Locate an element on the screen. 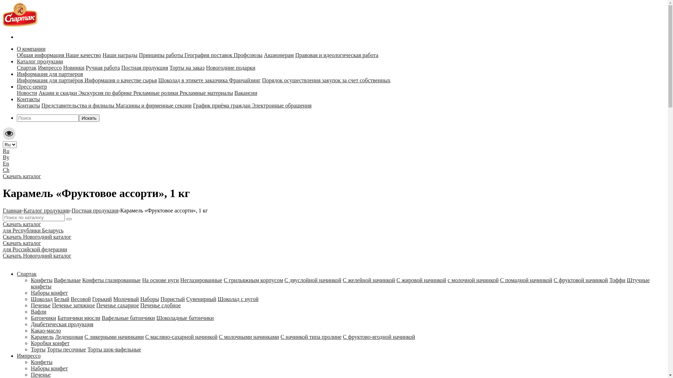 This screenshot has height=378, width=673. 'Ru' is located at coordinates (6, 150).